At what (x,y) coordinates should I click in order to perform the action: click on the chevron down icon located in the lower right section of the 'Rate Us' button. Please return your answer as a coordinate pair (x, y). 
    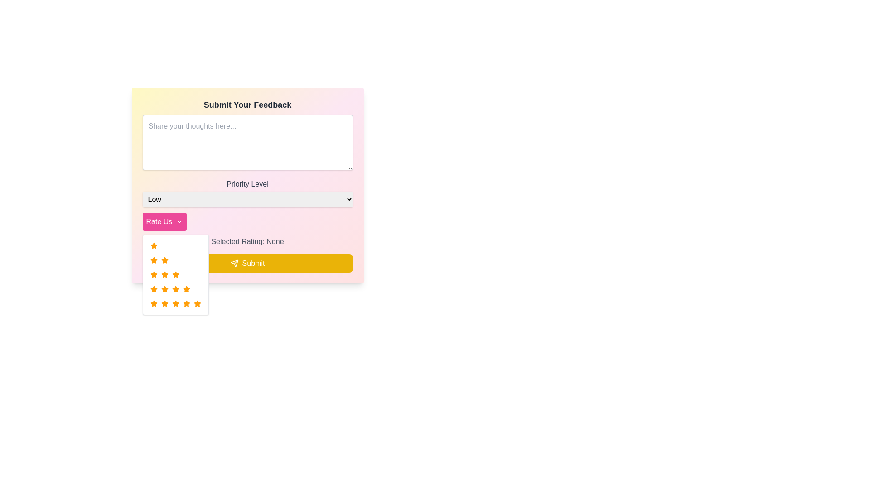
    Looking at the image, I should click on (179, 221).